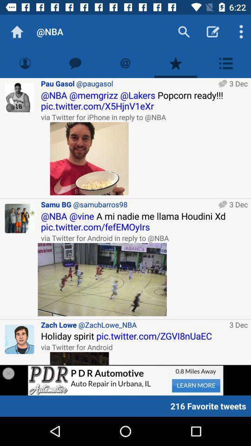  Describe the element at coordinates (102, 279) in the screenshot. I see `enlarge picture` at that location.